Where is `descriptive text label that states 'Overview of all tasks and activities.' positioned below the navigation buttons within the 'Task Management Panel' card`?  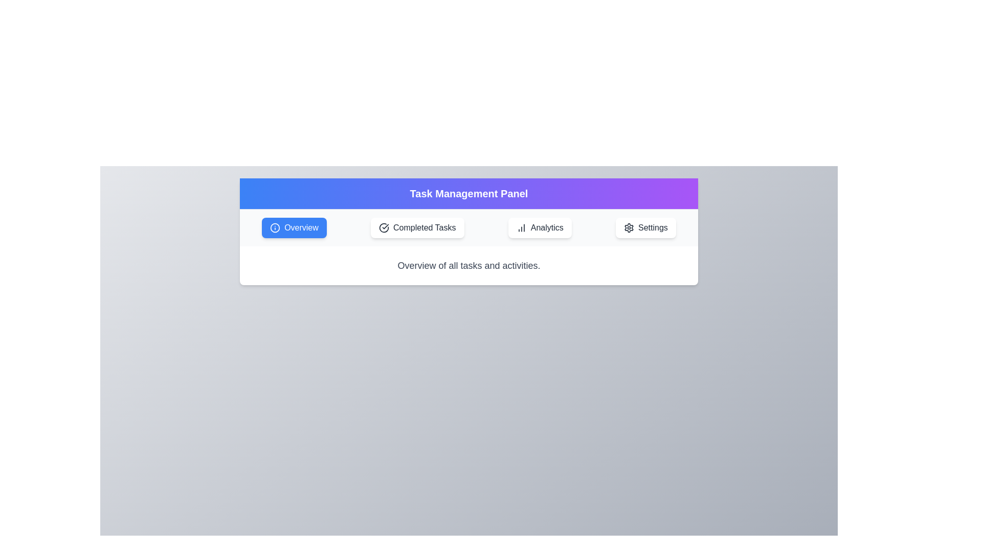 descriptive text label that states 'Overview of all tasks and activities.' positioned below the navigation buttons within the 'Task Management Panel' card is located at coordinates (468, 265).